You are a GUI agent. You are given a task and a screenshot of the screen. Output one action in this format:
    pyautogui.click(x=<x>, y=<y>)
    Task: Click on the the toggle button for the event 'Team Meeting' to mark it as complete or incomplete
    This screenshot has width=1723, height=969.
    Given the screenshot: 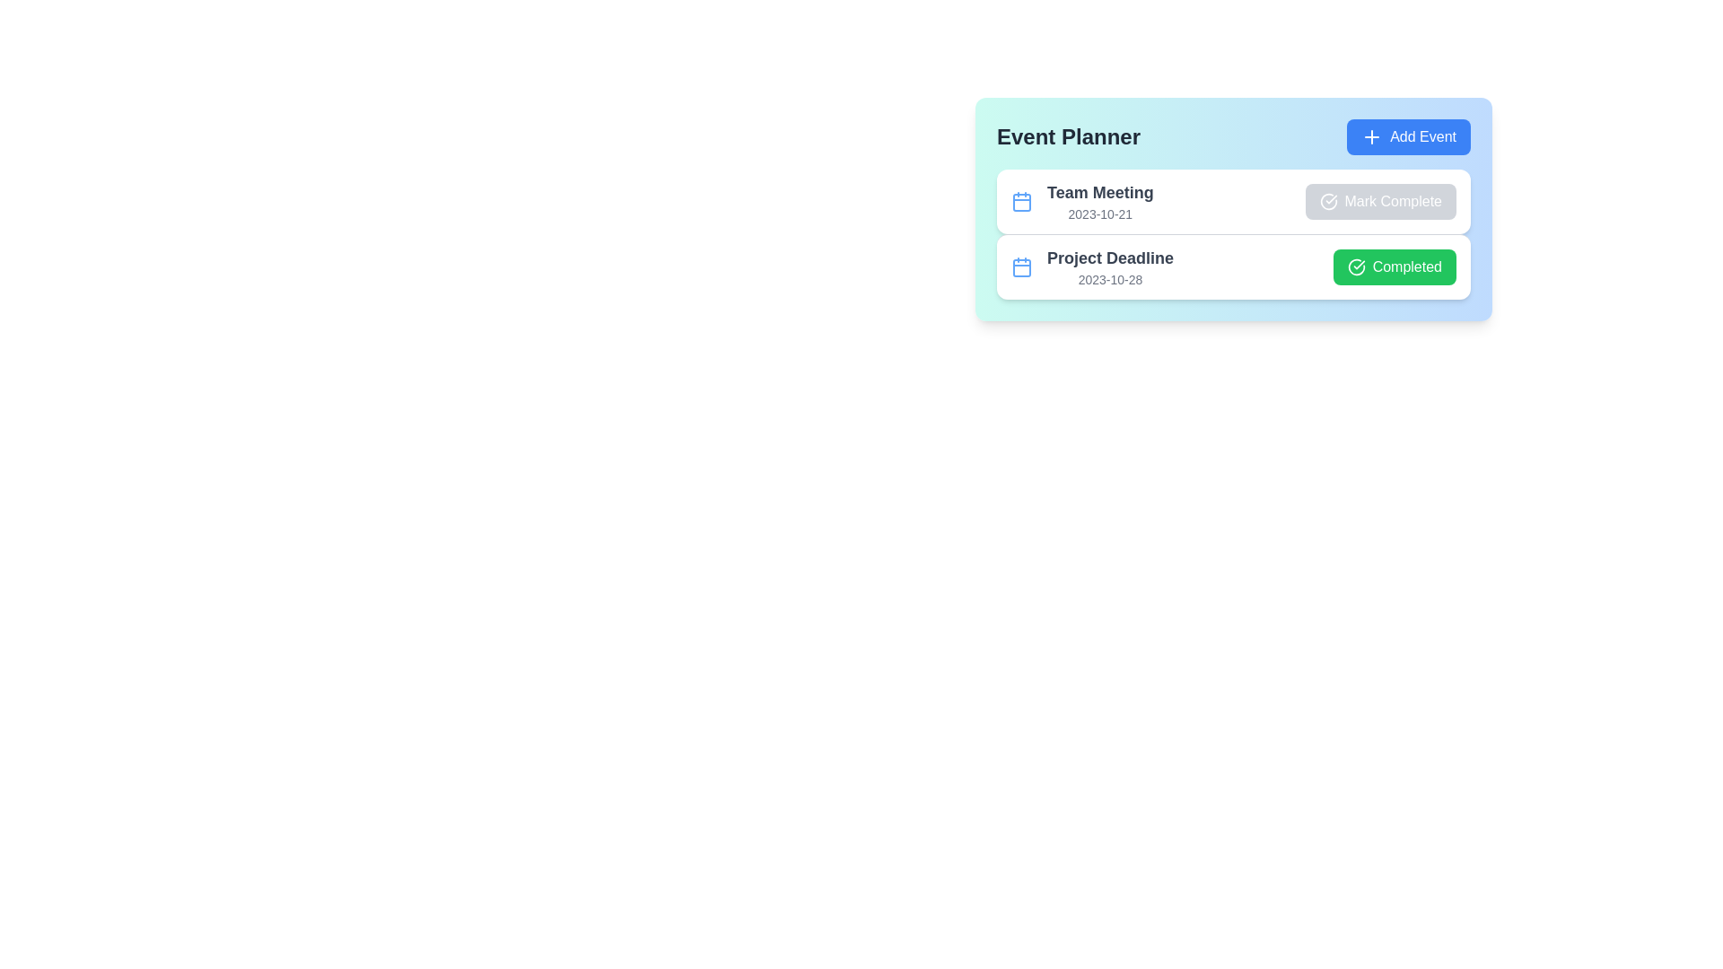 What is the action you would take?
    pyautogui.click(x=1379, y=201)
    